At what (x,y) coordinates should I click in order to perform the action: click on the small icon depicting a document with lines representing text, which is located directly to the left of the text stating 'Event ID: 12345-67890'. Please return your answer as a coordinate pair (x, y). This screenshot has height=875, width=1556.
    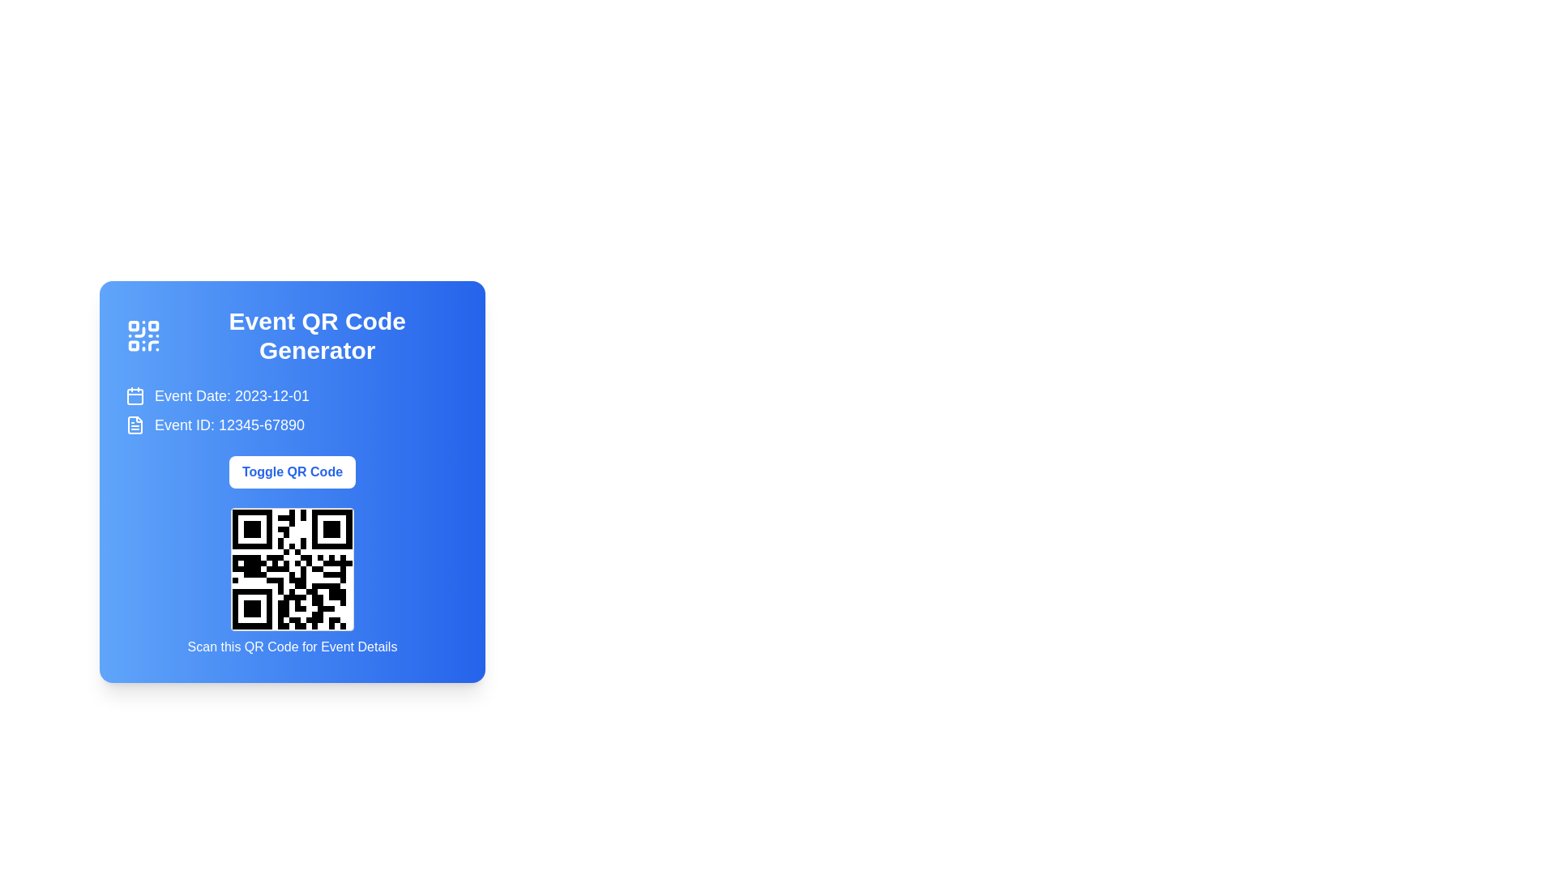
    Looking at the image, I should click on (135, 424).